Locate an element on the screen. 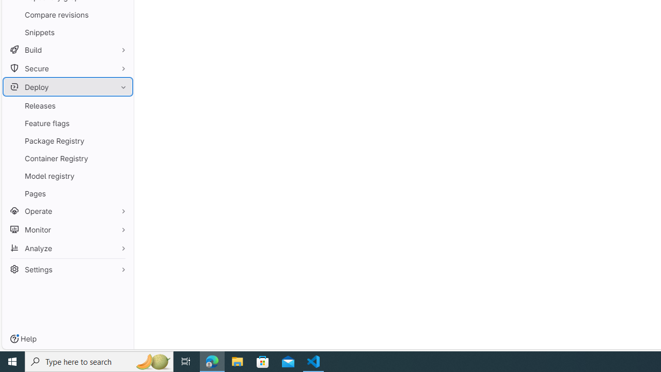  'Pages' is located at coordinates (67, 193).